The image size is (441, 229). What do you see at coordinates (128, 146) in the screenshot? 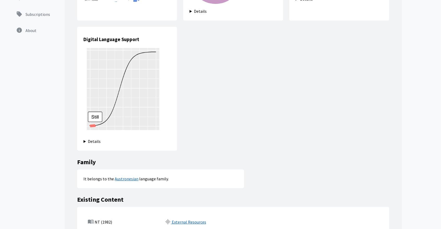
I see `'Families'` at bounding box center [128, 146].